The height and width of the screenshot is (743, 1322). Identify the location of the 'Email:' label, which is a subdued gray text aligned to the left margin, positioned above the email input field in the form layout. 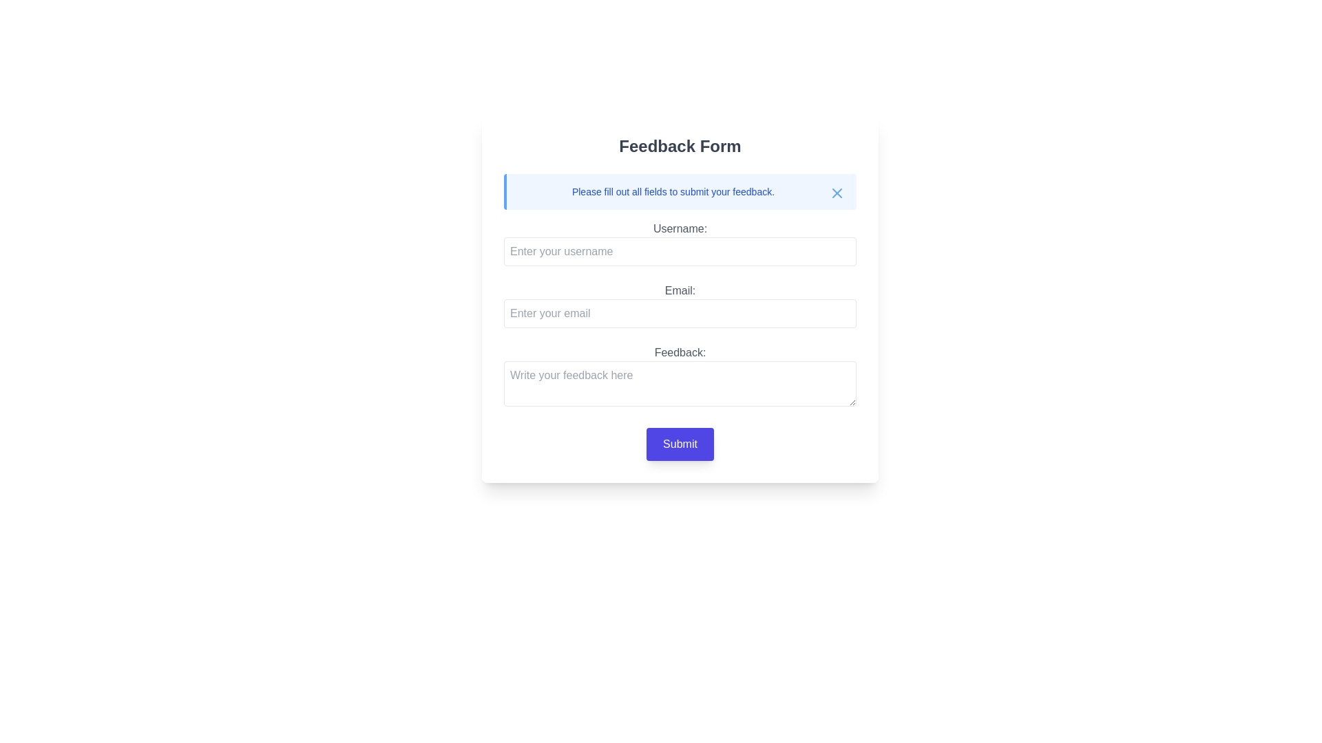
(680, 290).